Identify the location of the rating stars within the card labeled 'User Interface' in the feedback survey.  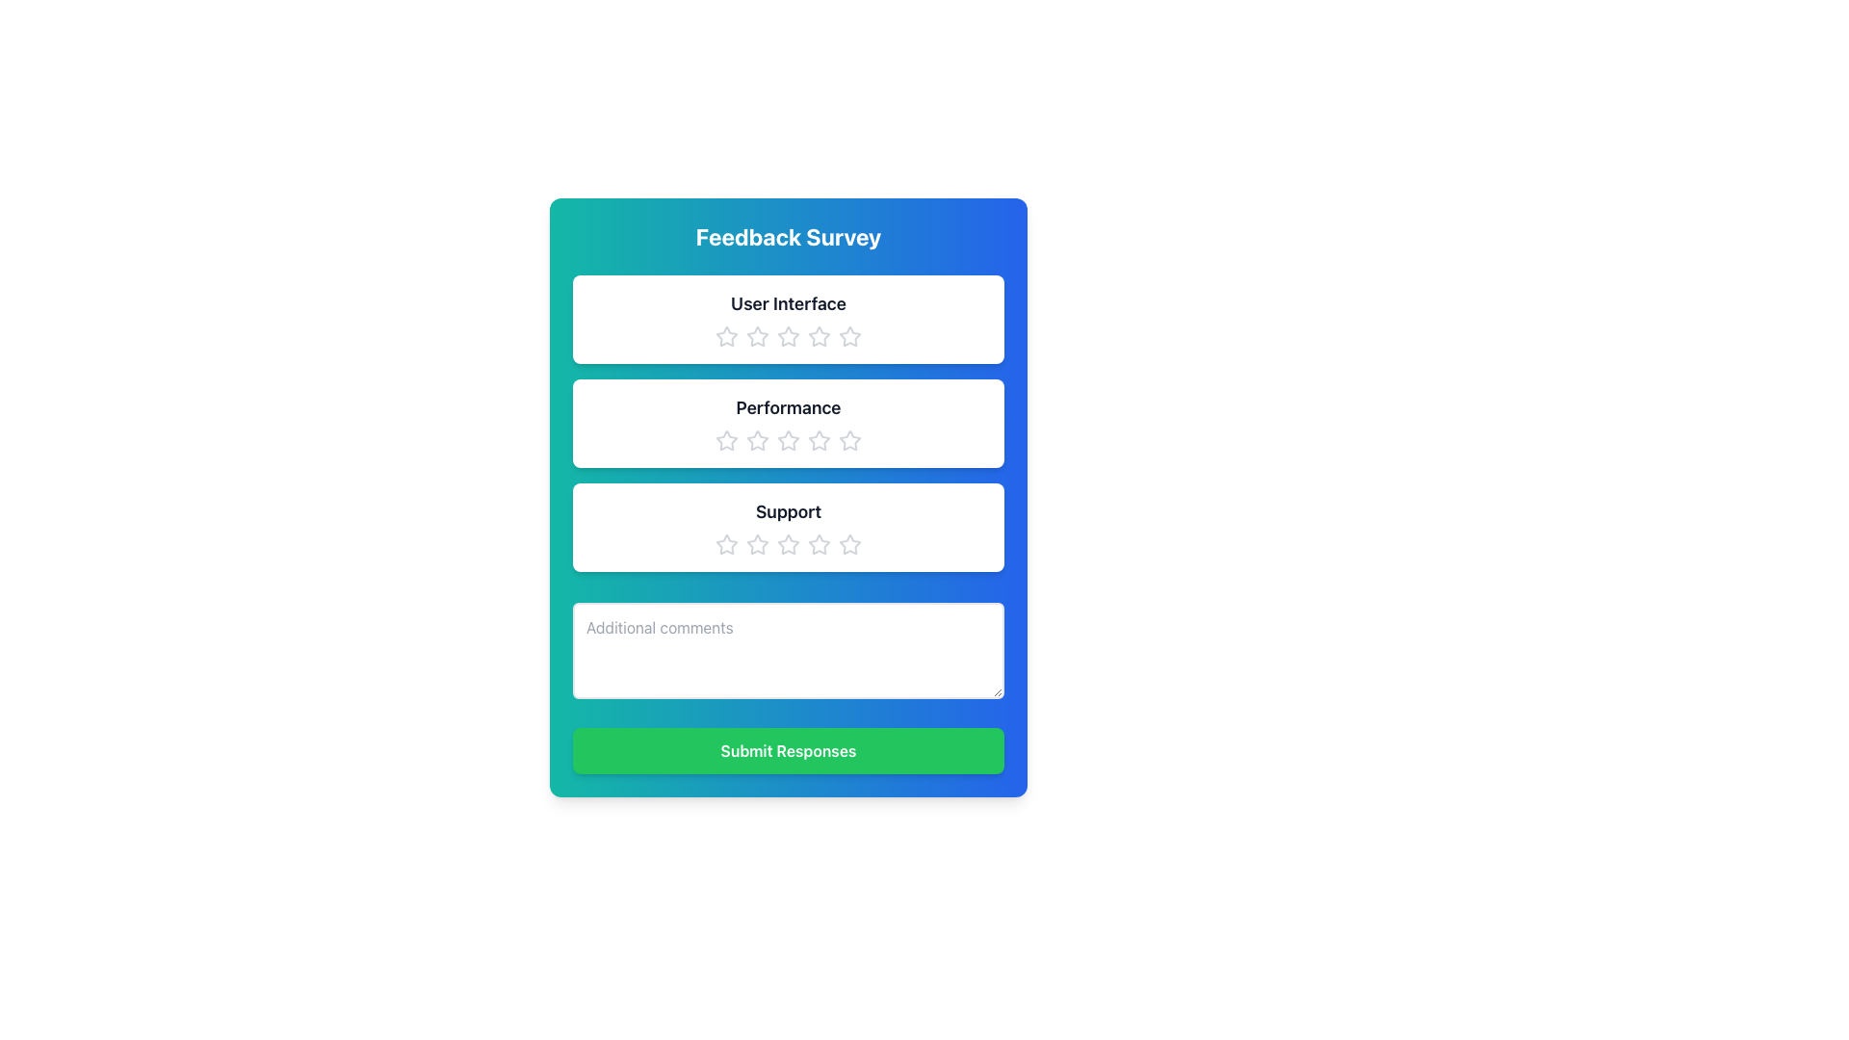
(789, 318).